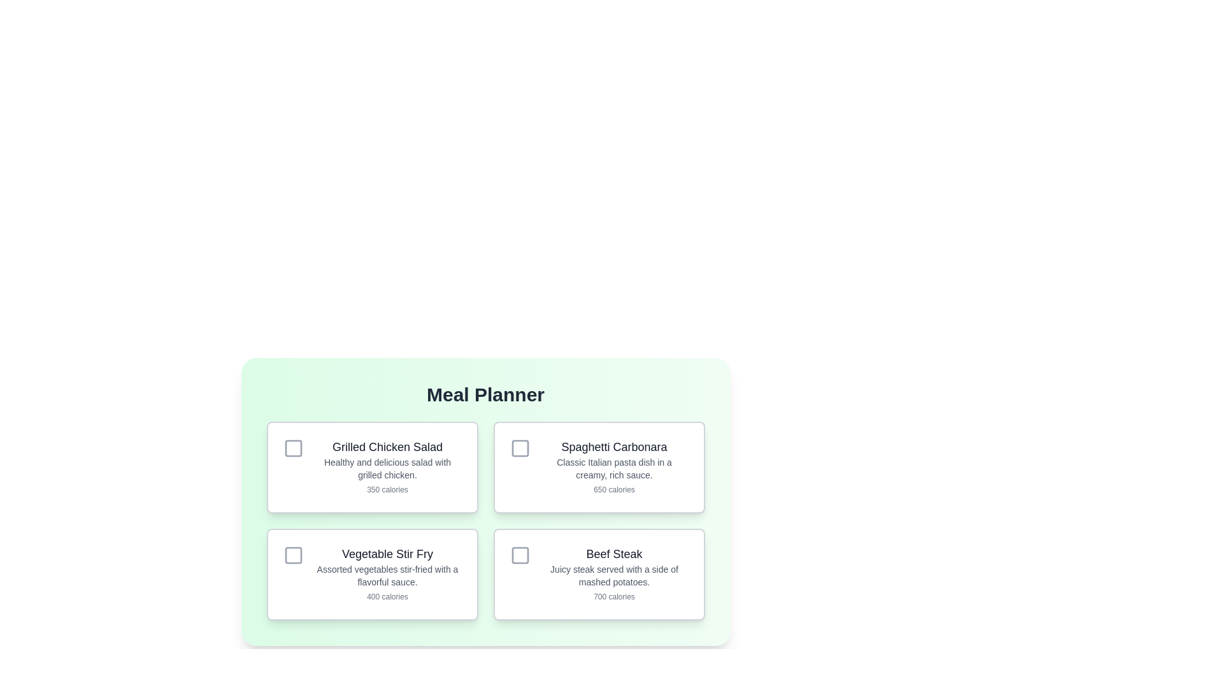  What do you see at coordinates (614, 554) in the screenshot?
I see `title label for the food item 'Beef Steak' located at the top of the bottom-right card in the meal planner grid` at bounding box center [614, 554].